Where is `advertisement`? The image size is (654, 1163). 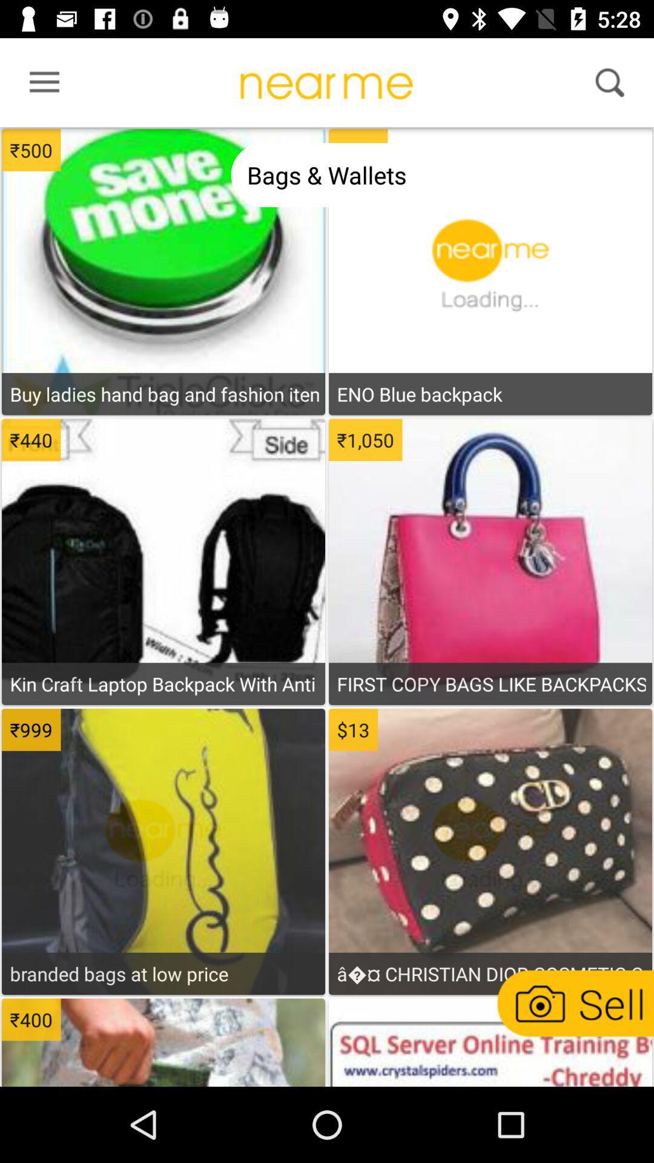
advertisement is located at coordinates (163, 651).